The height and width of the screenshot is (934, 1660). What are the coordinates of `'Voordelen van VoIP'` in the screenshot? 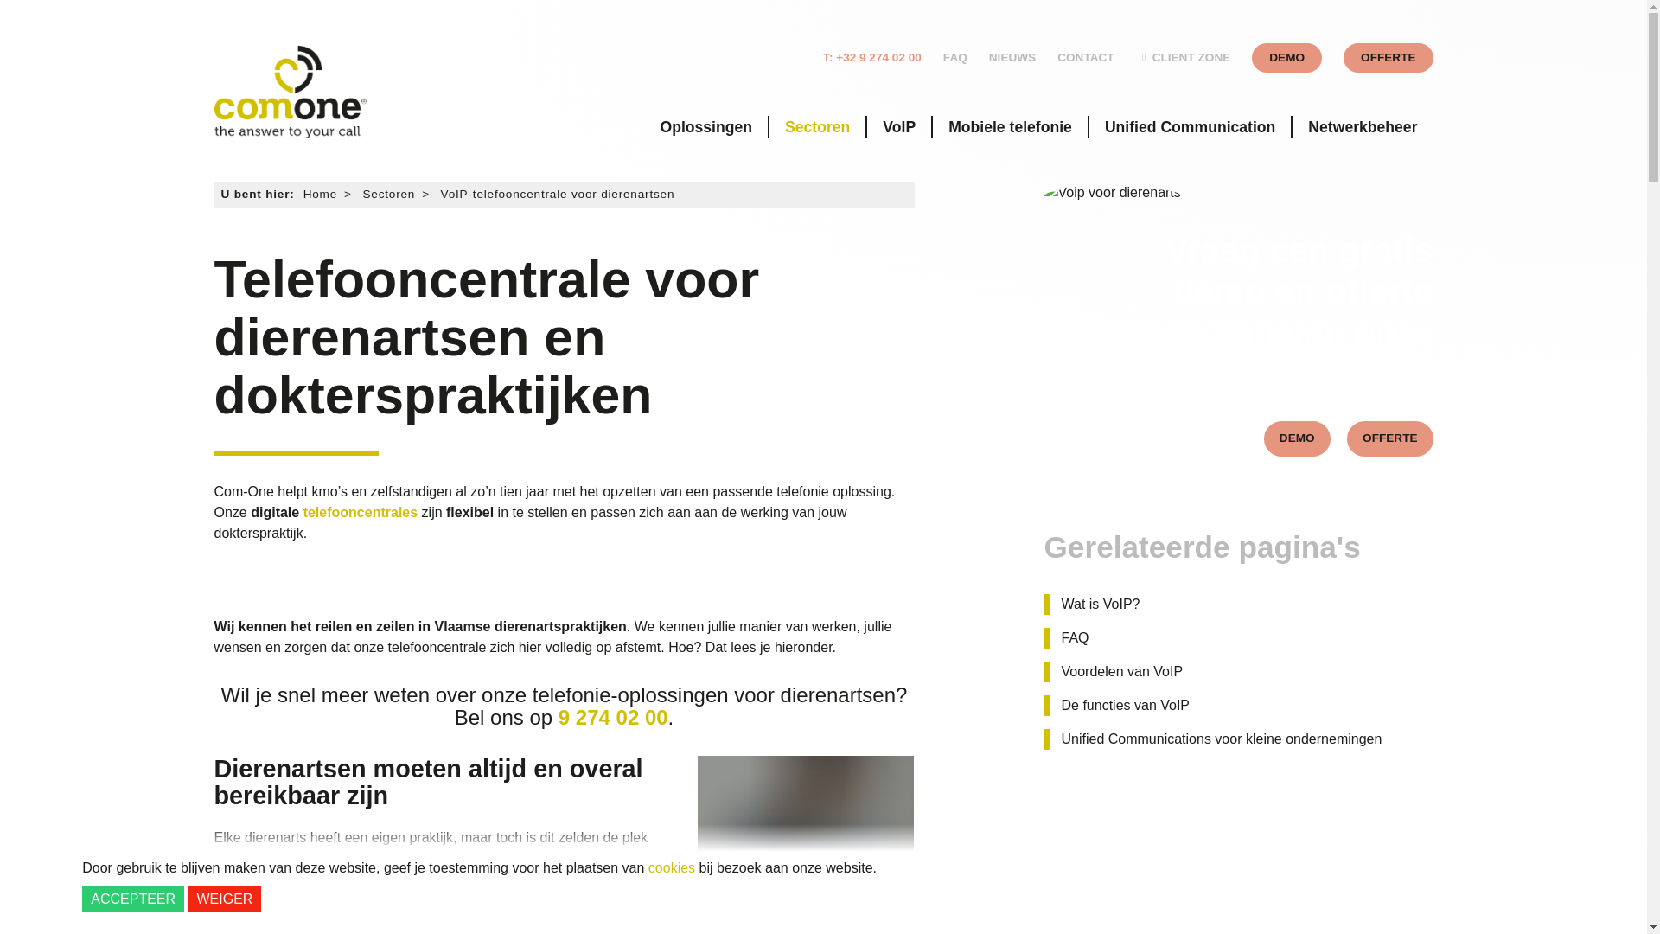 It's located at (1044, 670).